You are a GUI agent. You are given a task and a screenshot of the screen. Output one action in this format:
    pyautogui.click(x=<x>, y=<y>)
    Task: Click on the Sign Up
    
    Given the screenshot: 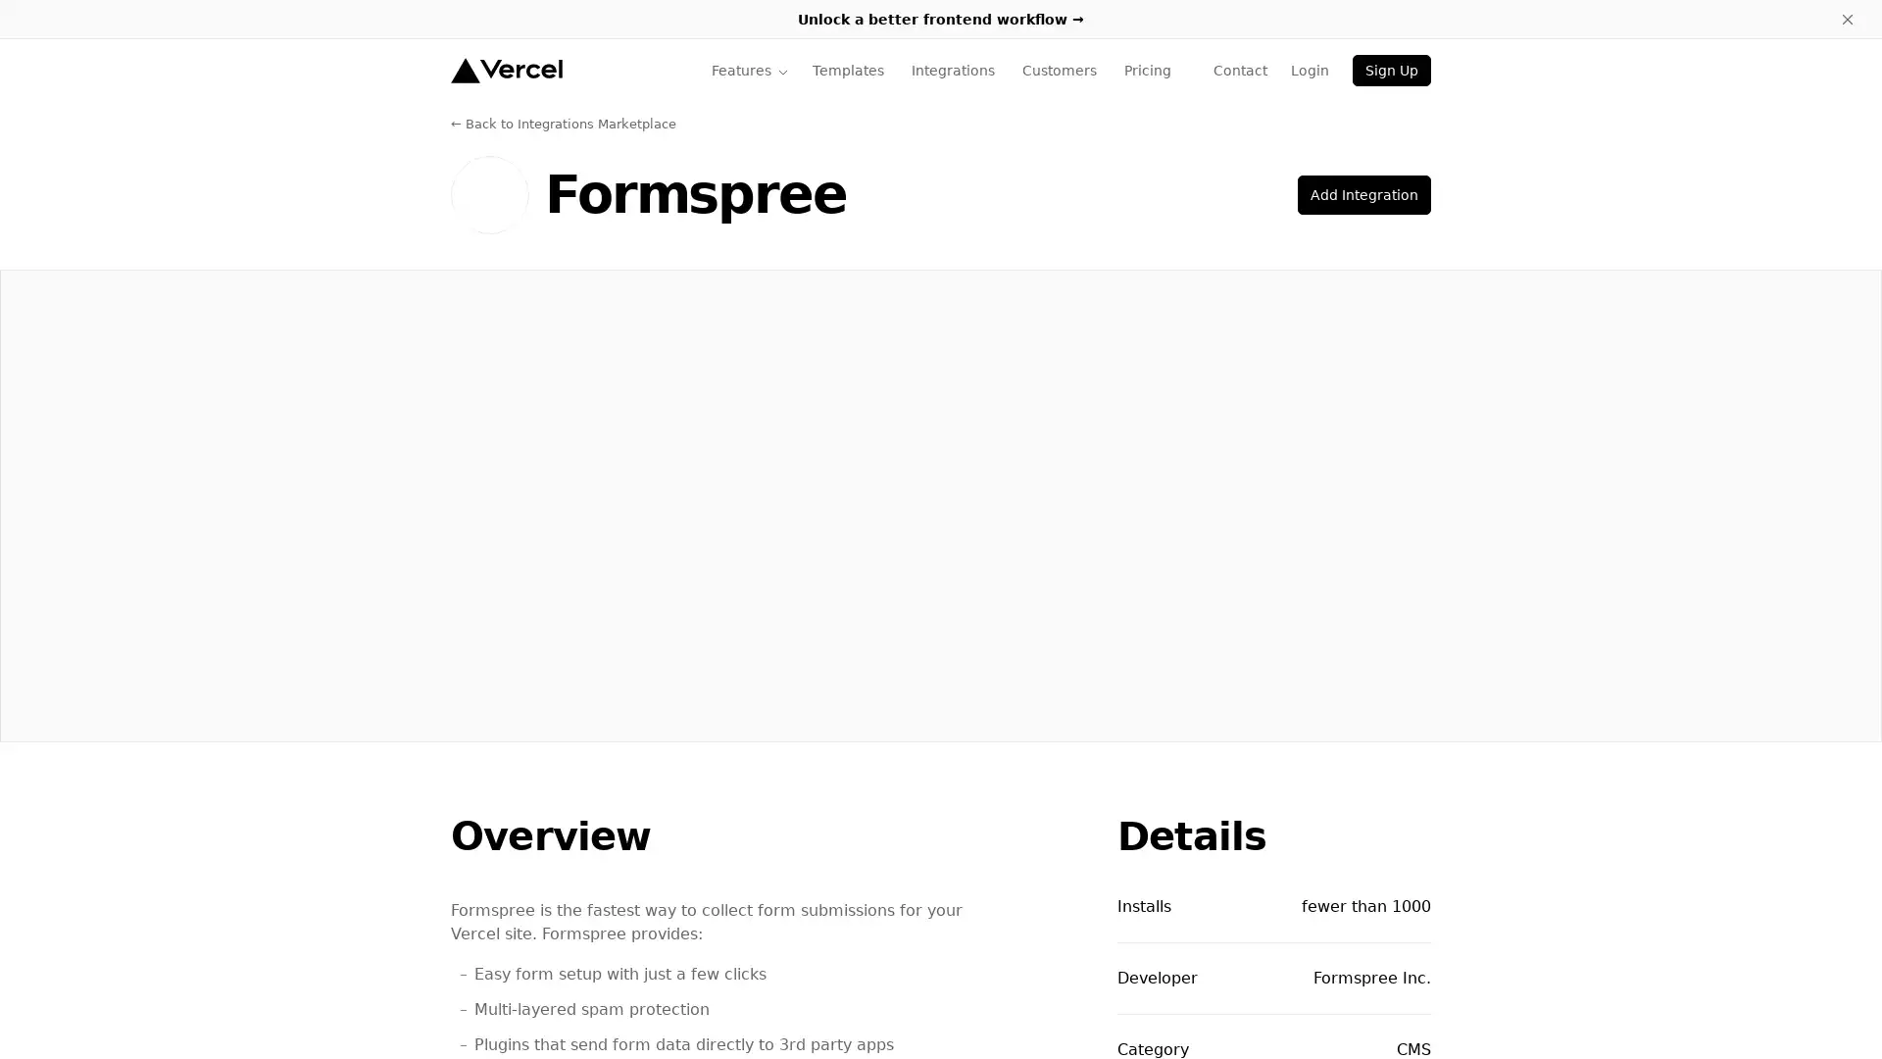 What is the action you would take?
    pyautogui.click(x=1391, y=70)
    